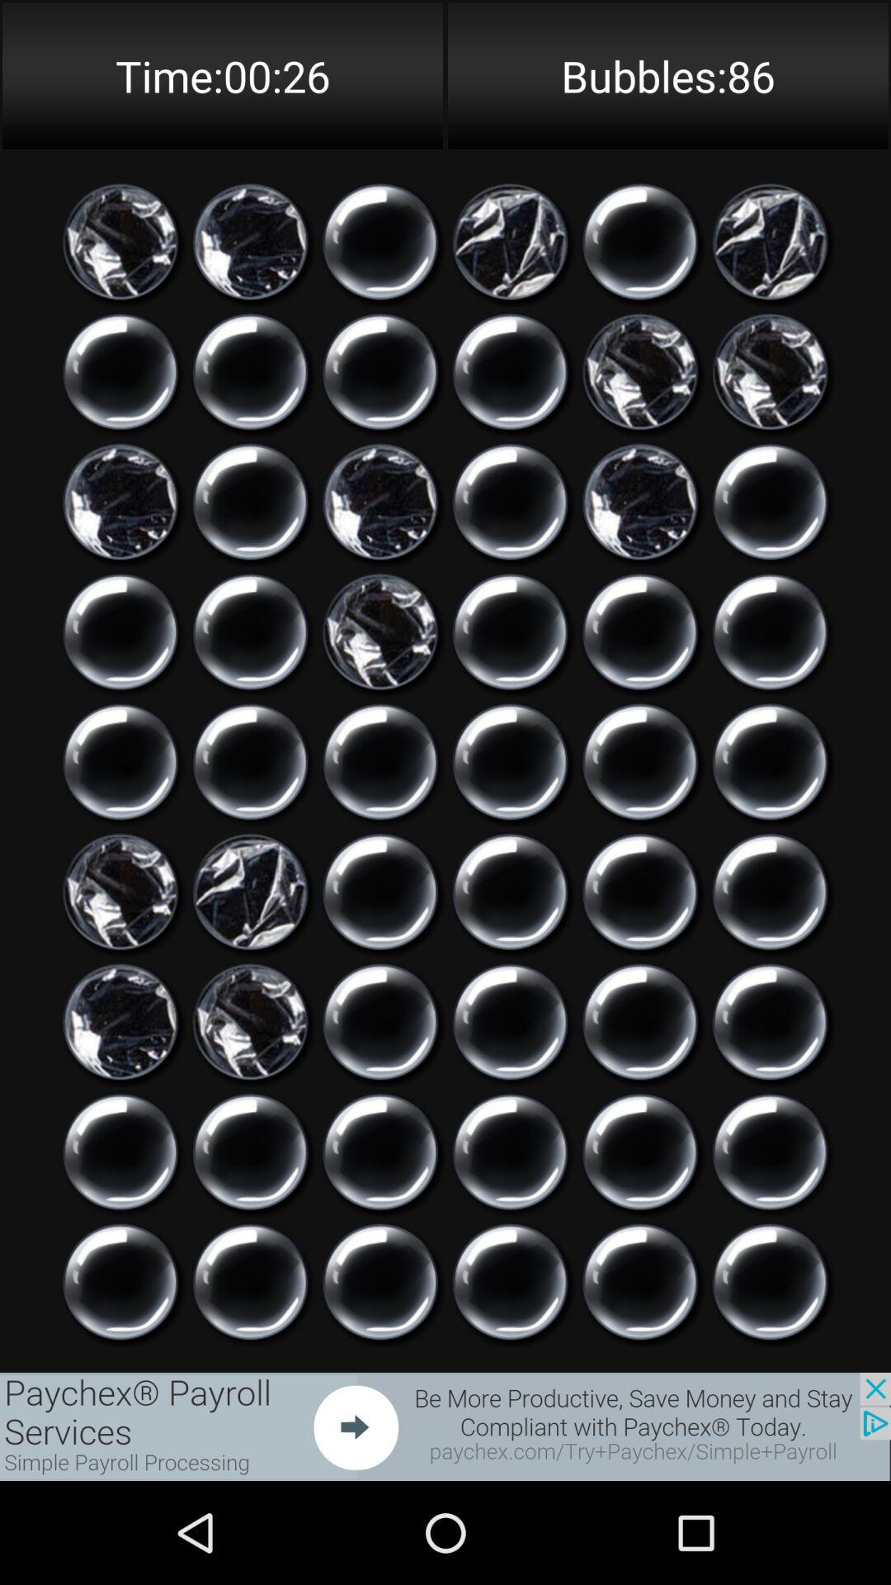 The height and width of the screenshot is (1585, 891). I want to click on choose a bubble, so click(380, 1021).